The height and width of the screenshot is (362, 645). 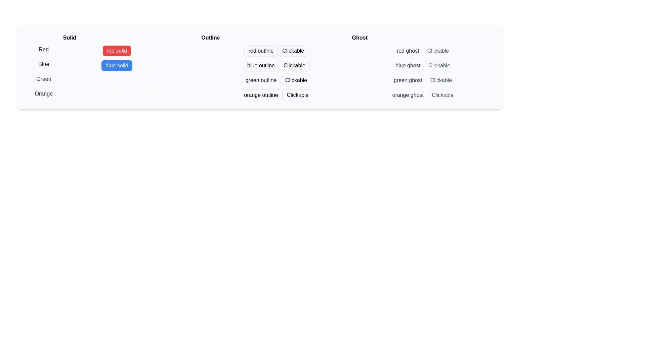 What do you see at coordinates (422, 78) in the screenshot?
I see `text displayed in the label that reads 'Clickable' in the 'Ghost' column of the table layout, which is the third entry in that column` at bounding box center [422, 78].